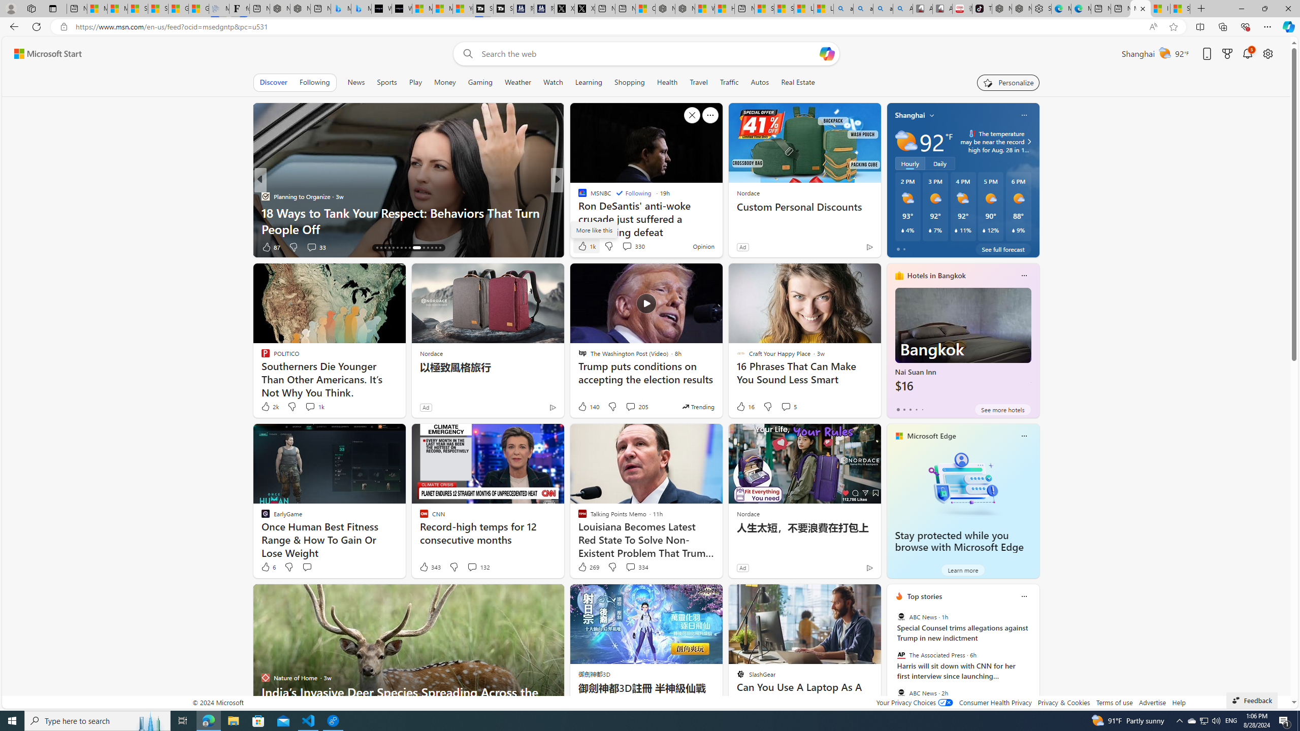 The height and width of the screenshot is (731, 1300). What do you see at coordinates (271, 247) in the screenshot?
I see `'87 Like'` at bounding box center [271, 247].